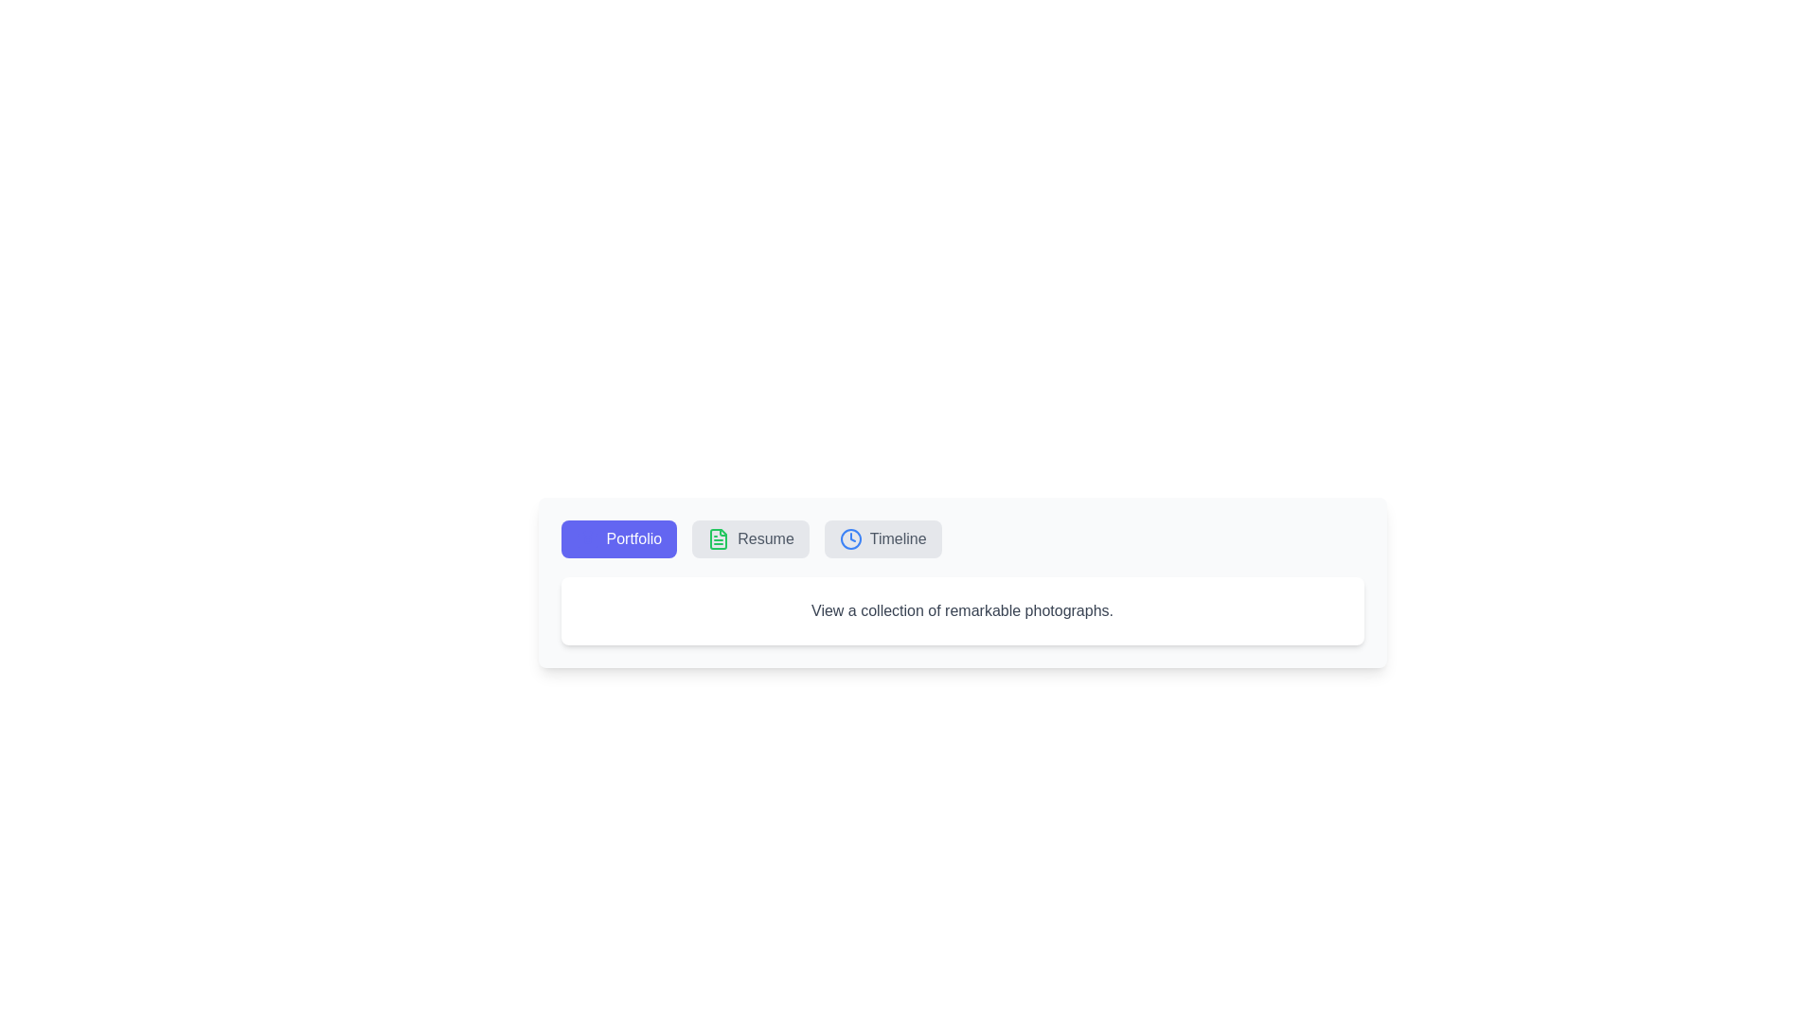  I want to click on the Timeline tab to navigate to its content, so click(882, 539).